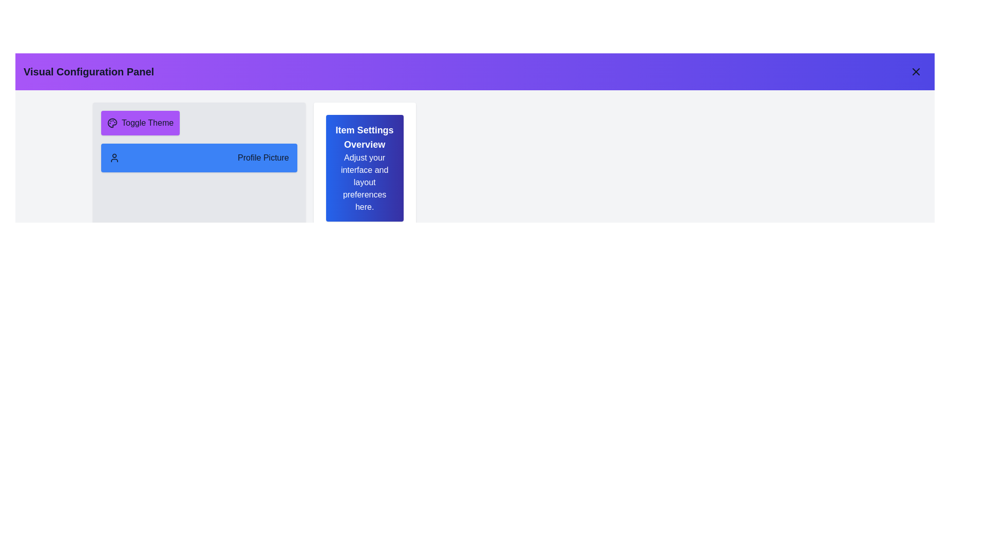 The image size is (986, 554). What do you see at coordinates (112, 122) in the screenshot?
I see `the circular icon representing a painter's palette with a purple background, located inside the 'Toggle Theme' button, to the left of the text label` at bounding box center [112, 122].